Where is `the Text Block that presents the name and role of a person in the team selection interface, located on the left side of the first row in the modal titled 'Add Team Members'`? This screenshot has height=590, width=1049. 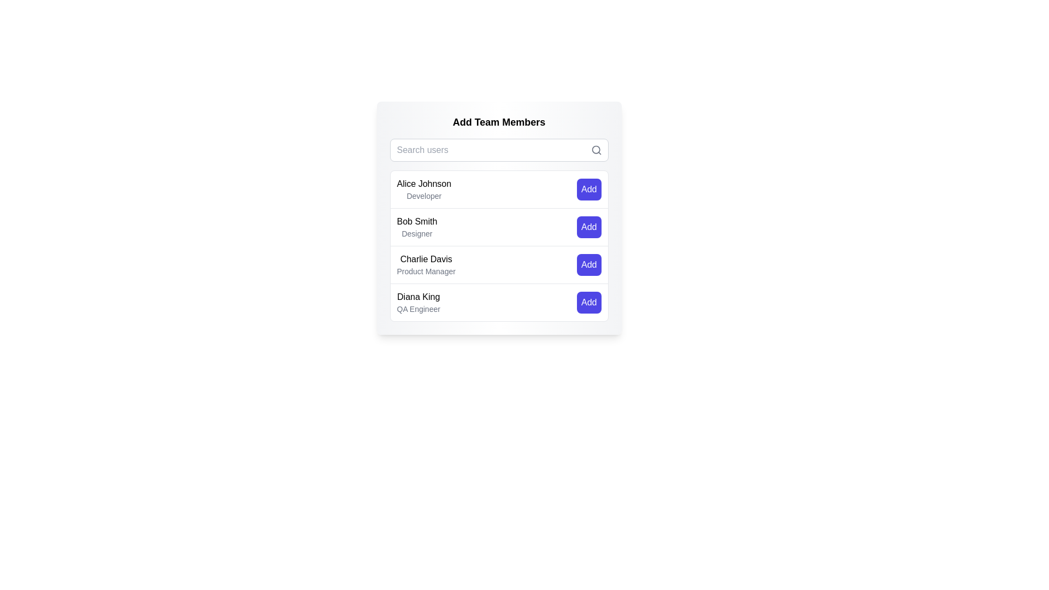 the Text Block that presents the name and role of a person in the team selection interface, located on the left side of the first row in the modal titled 'Add Team Members' is located at coordinates (423, 189).